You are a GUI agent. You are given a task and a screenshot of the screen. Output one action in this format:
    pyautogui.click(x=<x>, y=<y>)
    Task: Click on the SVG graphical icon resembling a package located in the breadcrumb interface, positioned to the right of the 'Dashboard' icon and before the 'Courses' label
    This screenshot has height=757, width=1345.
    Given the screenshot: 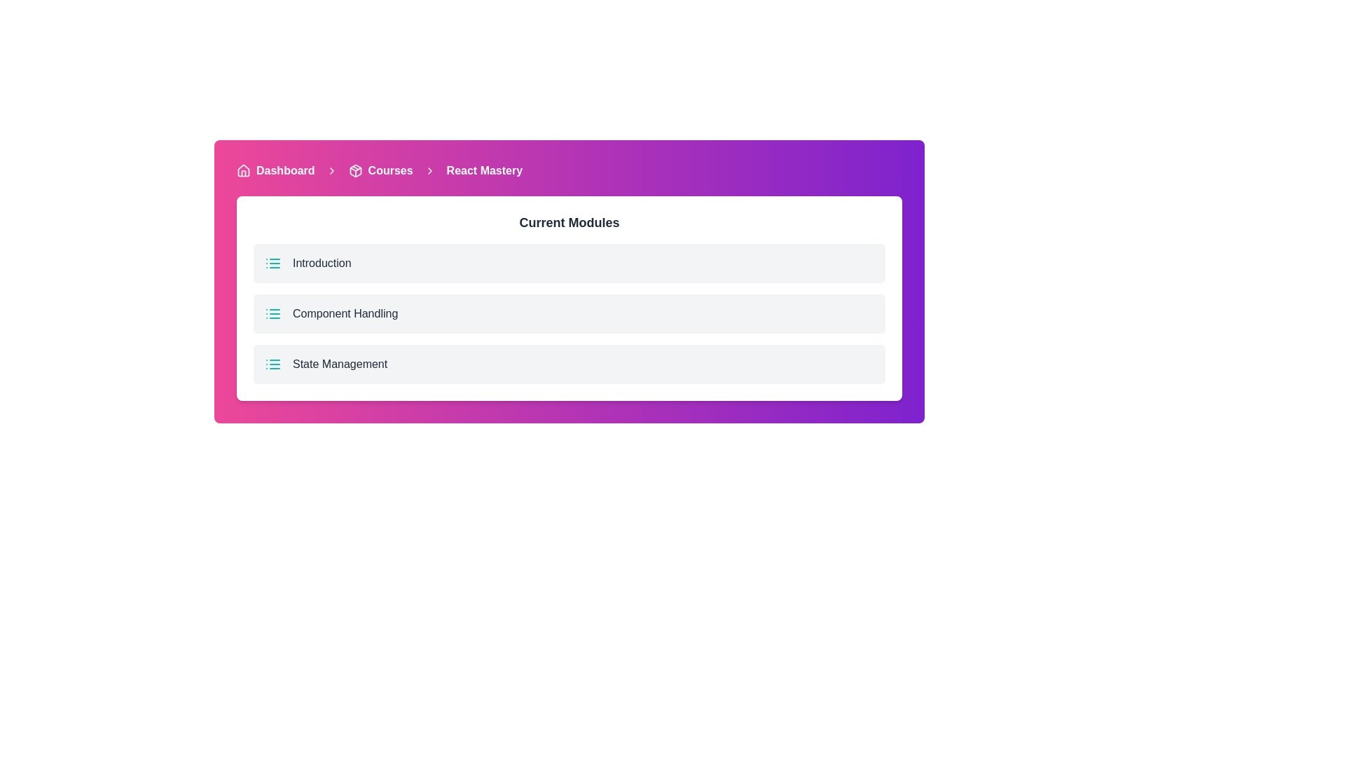 What is the action you would take?
    pyautogui.click(x=355, y=170)
    